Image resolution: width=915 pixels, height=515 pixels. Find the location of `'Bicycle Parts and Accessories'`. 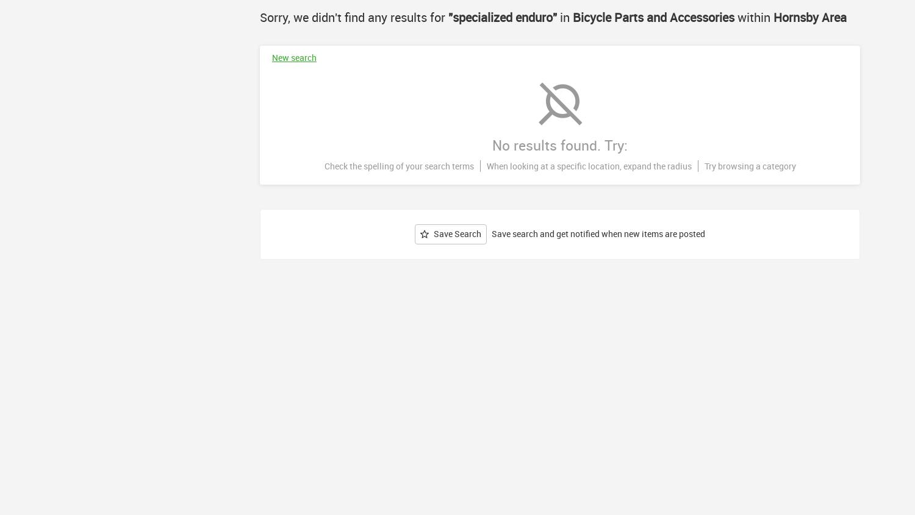

'Bicycle Parts and Accessories' is located at coordinates (653, 16).